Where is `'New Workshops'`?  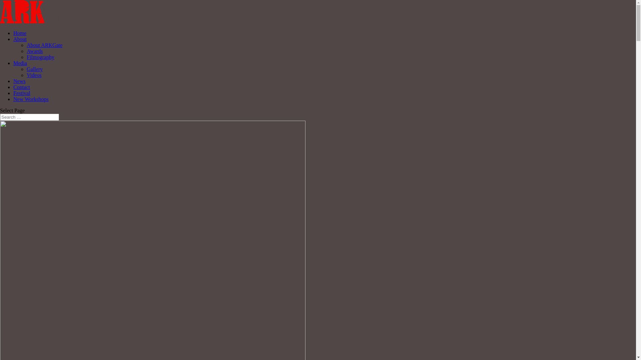
'New Workshops' is located at coordinates (13, 99).